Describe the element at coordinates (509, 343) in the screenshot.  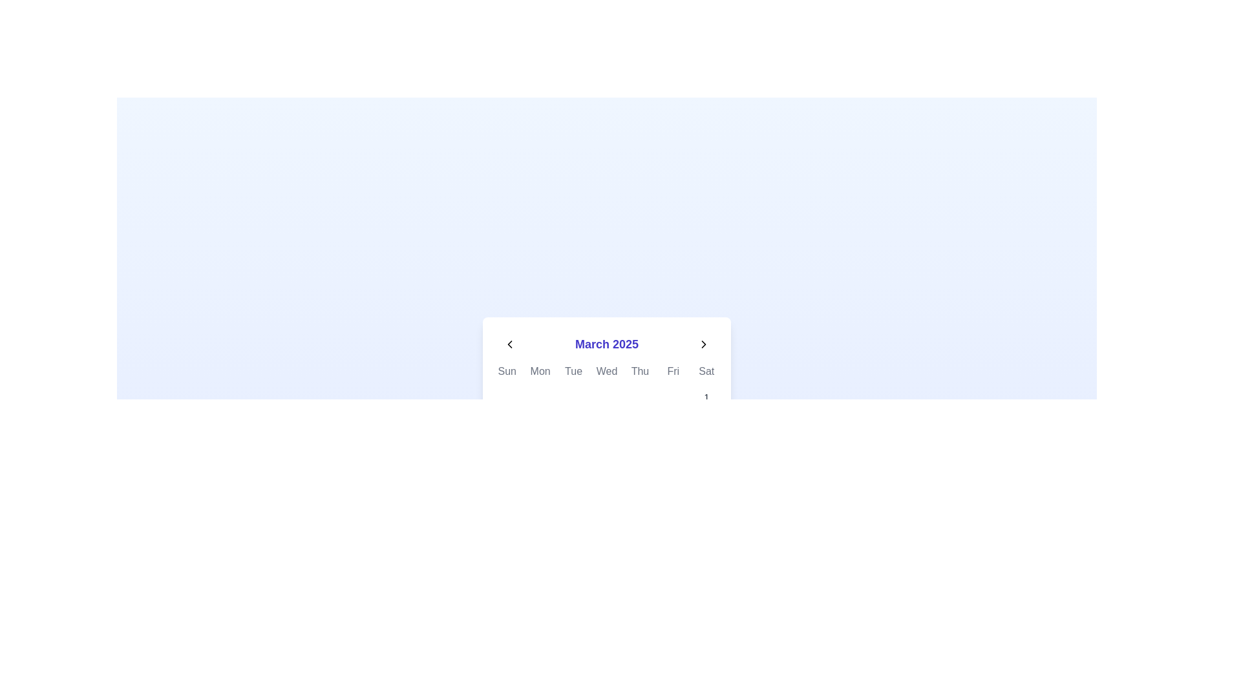
I see `the left-facing chevron arrow icon in the header of the calendar widget` at that location.